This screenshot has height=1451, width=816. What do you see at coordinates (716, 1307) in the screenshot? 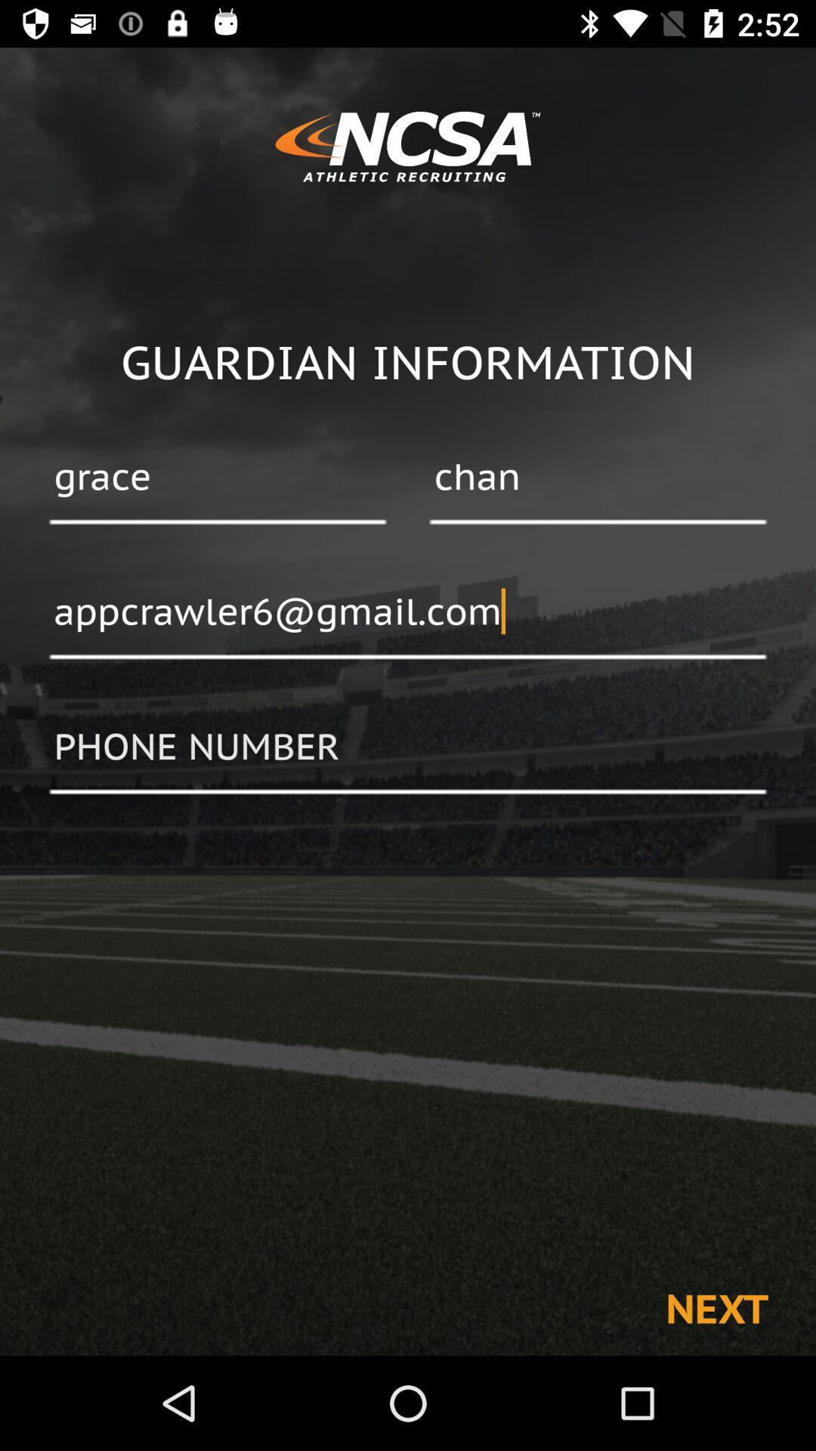
I see `next at the bottom right corner` at bounding box center [716, 1307].